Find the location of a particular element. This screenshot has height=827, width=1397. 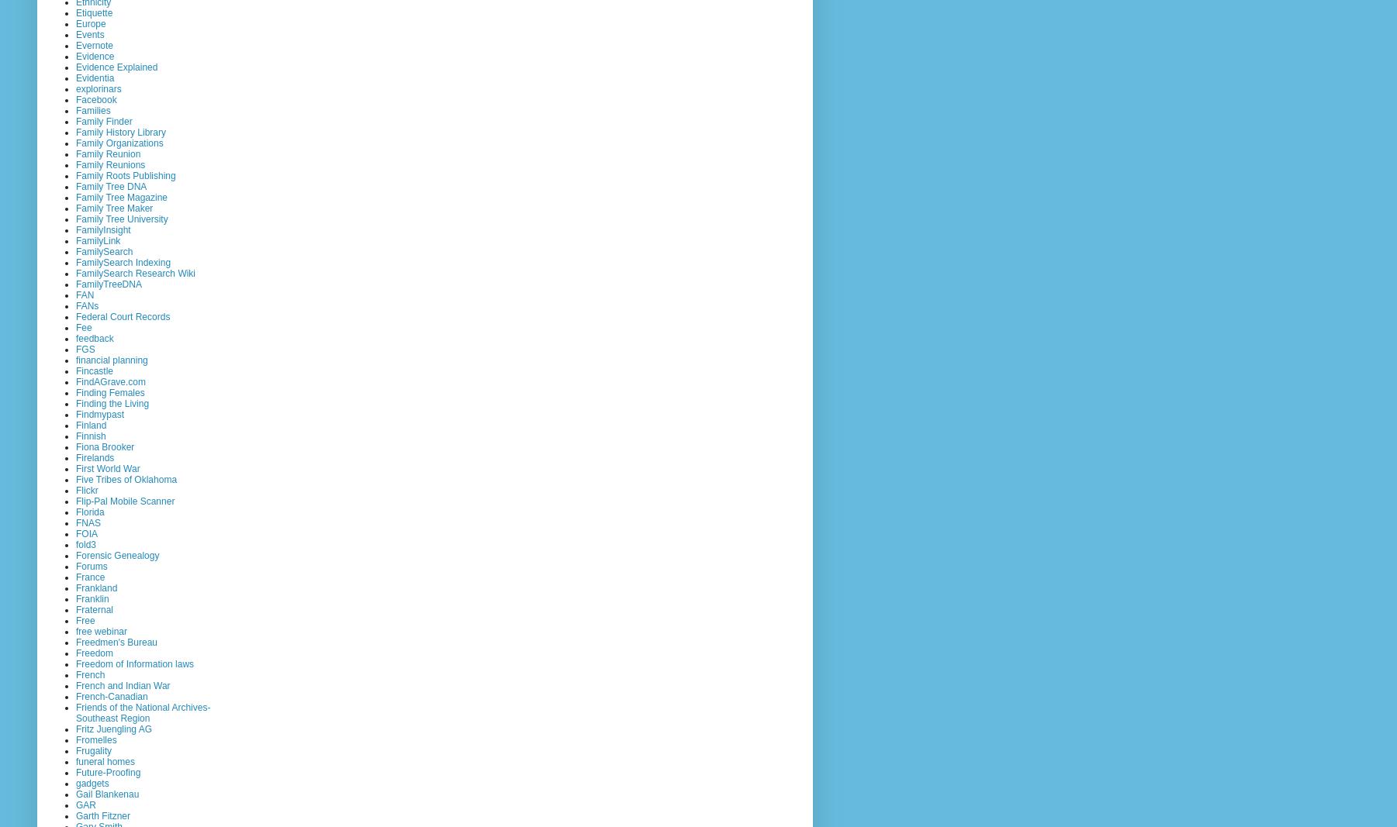

'Fromelles' is located at coordinates (96, 739).